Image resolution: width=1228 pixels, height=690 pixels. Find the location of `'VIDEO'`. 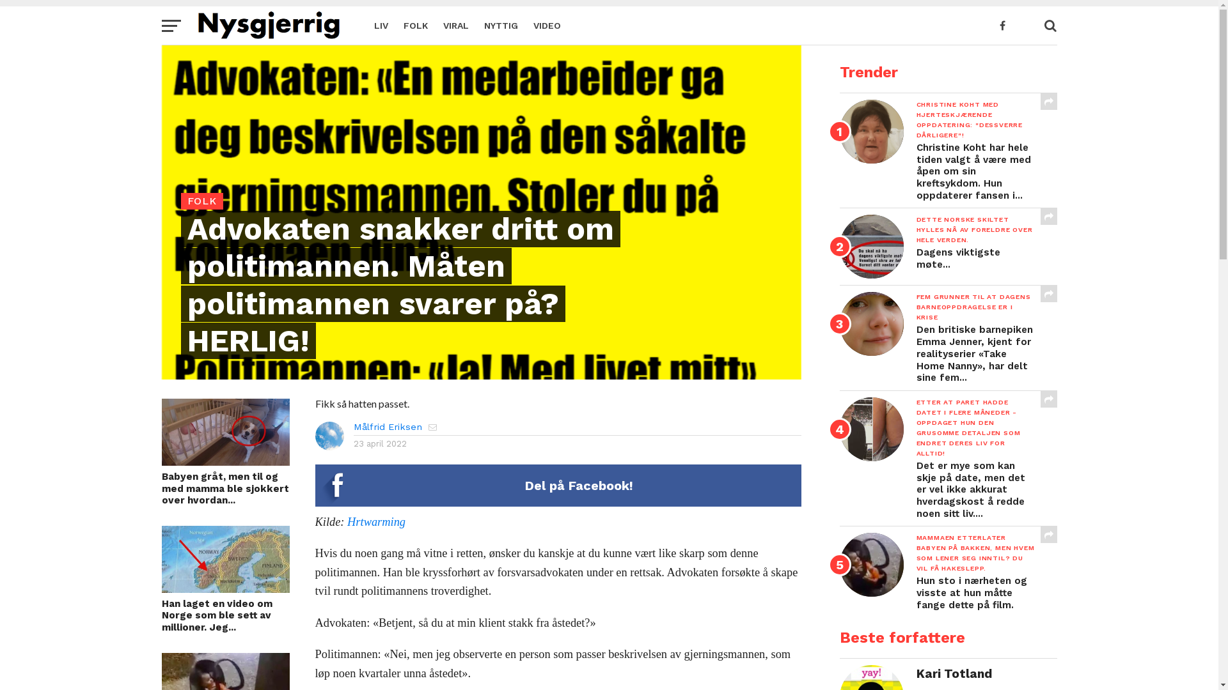

'VIDEO' is located at coordinates (547, 25).